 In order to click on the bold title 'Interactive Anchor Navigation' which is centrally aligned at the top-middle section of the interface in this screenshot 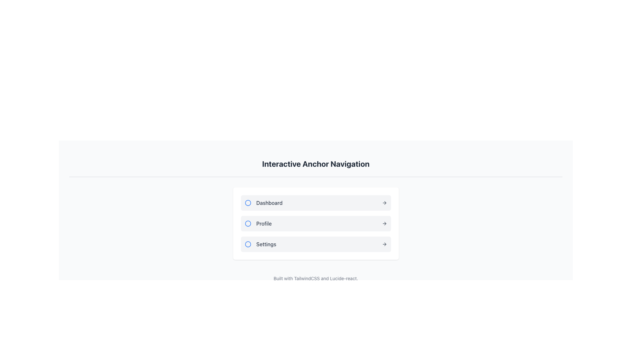, I will do `click(316, 163)`.